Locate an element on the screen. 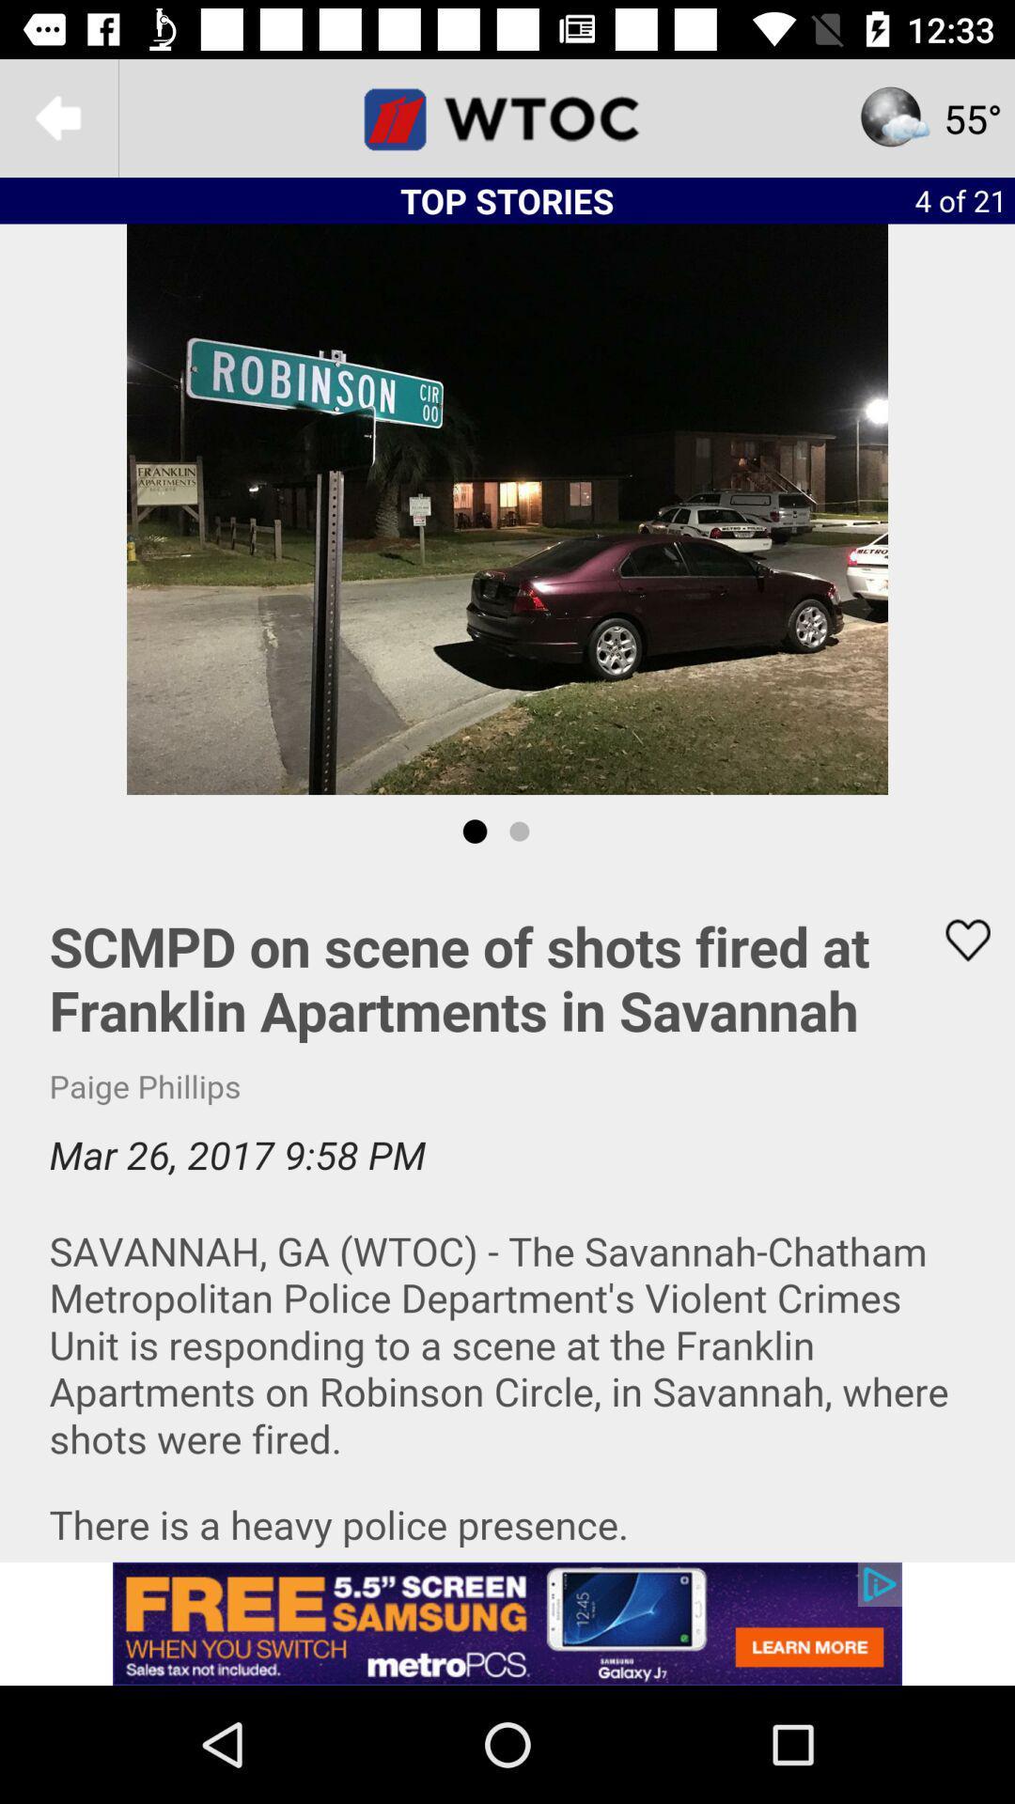 This screenshot has height=1804, width=1015. go back is located at coordinates (57, 117).